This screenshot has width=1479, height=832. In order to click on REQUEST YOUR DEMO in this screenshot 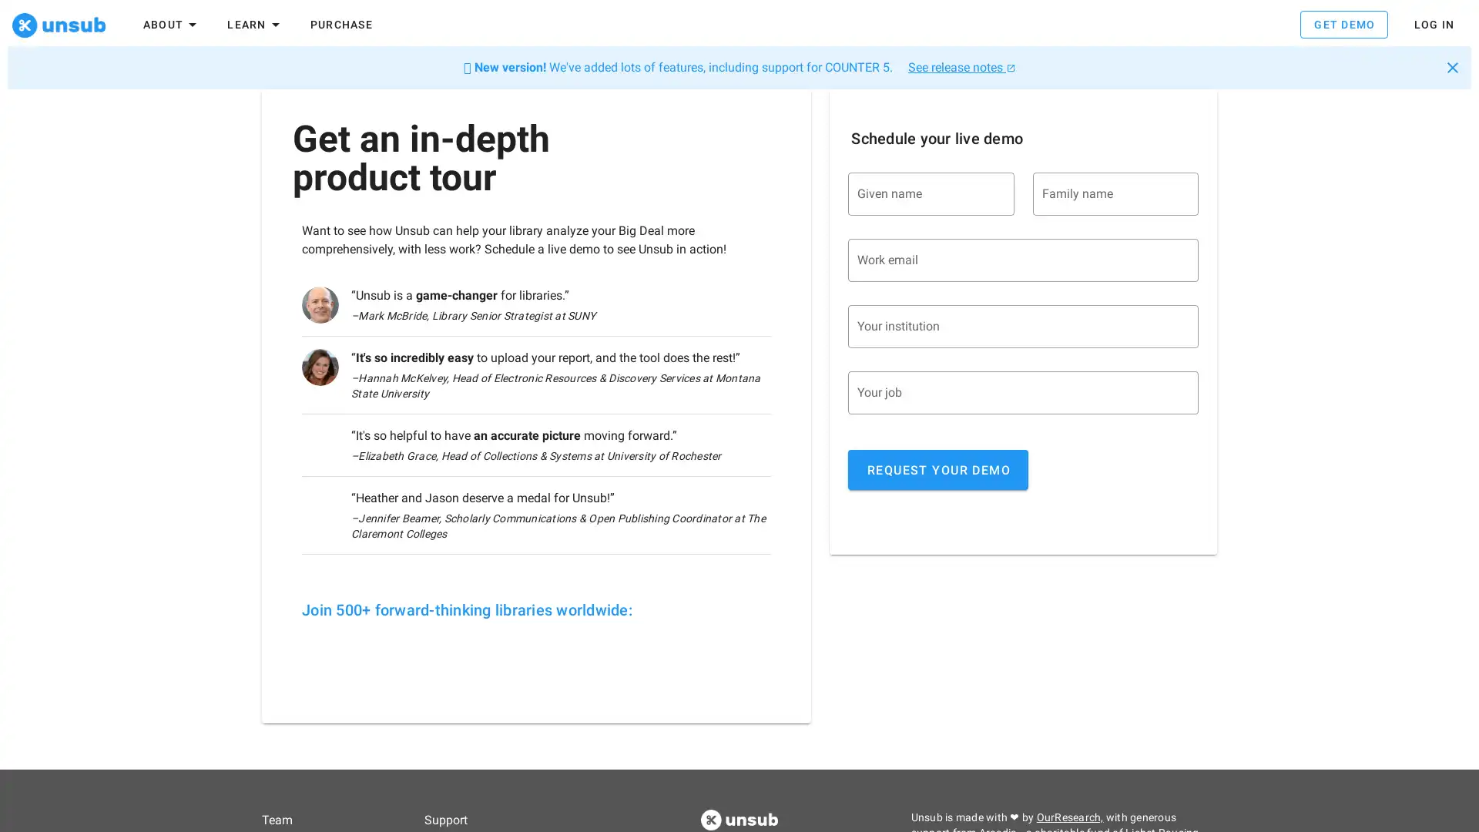, I will do `click(937, 475)`.